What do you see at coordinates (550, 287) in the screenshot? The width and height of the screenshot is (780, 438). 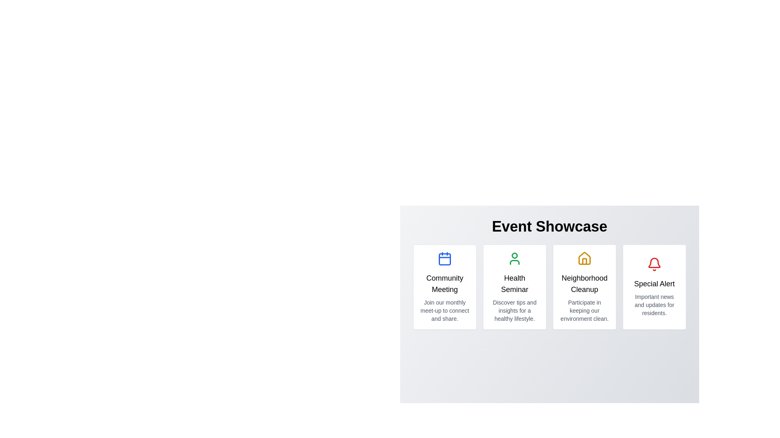 I see `the third section of the Grid layout below the 'Event Showcase' title` at bounding box center [550, 287].